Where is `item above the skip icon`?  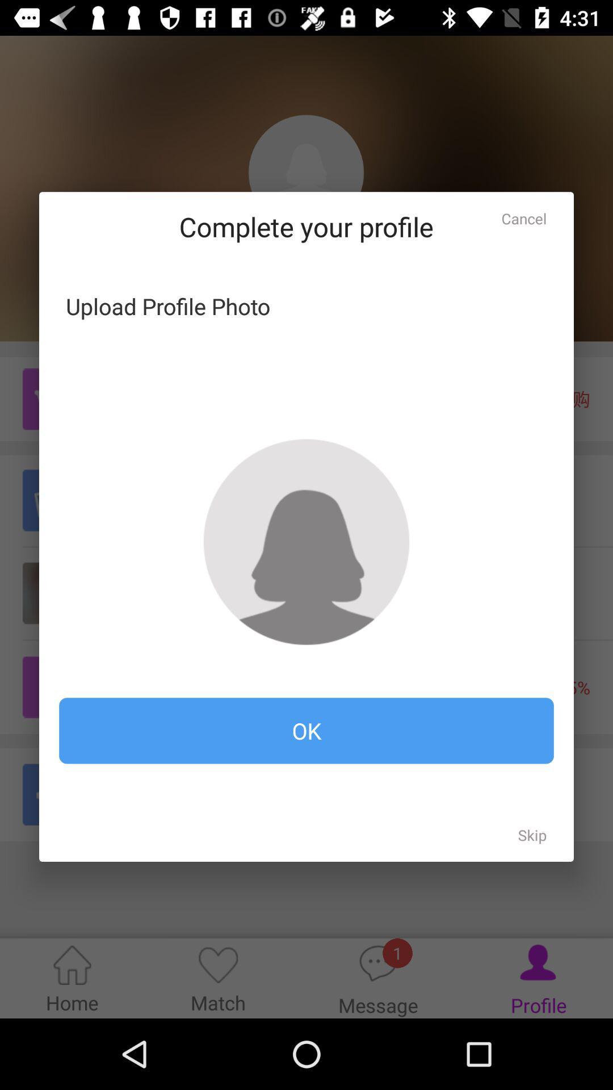 item above the skip icon is located at coordinates (306, 731).